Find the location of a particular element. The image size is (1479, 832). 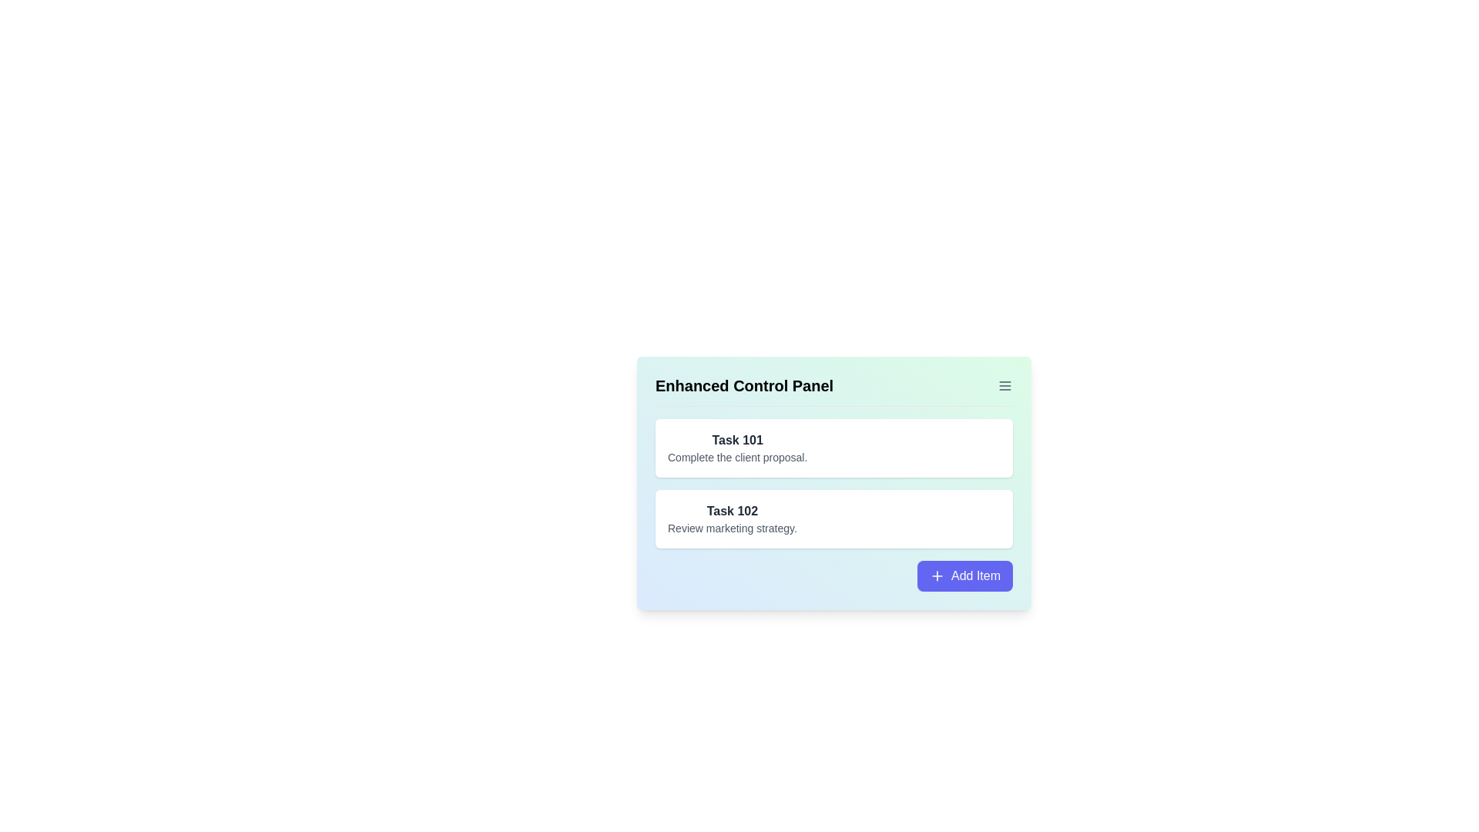

text of the actionable button located at the bottom-right corner of the task management panel, which signifies the addition of a new item or task is located at coordinates (975, 576).